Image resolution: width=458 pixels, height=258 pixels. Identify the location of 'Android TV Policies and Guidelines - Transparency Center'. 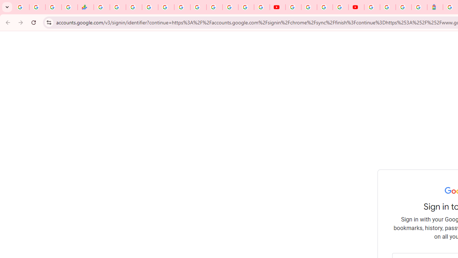
(198, 7).